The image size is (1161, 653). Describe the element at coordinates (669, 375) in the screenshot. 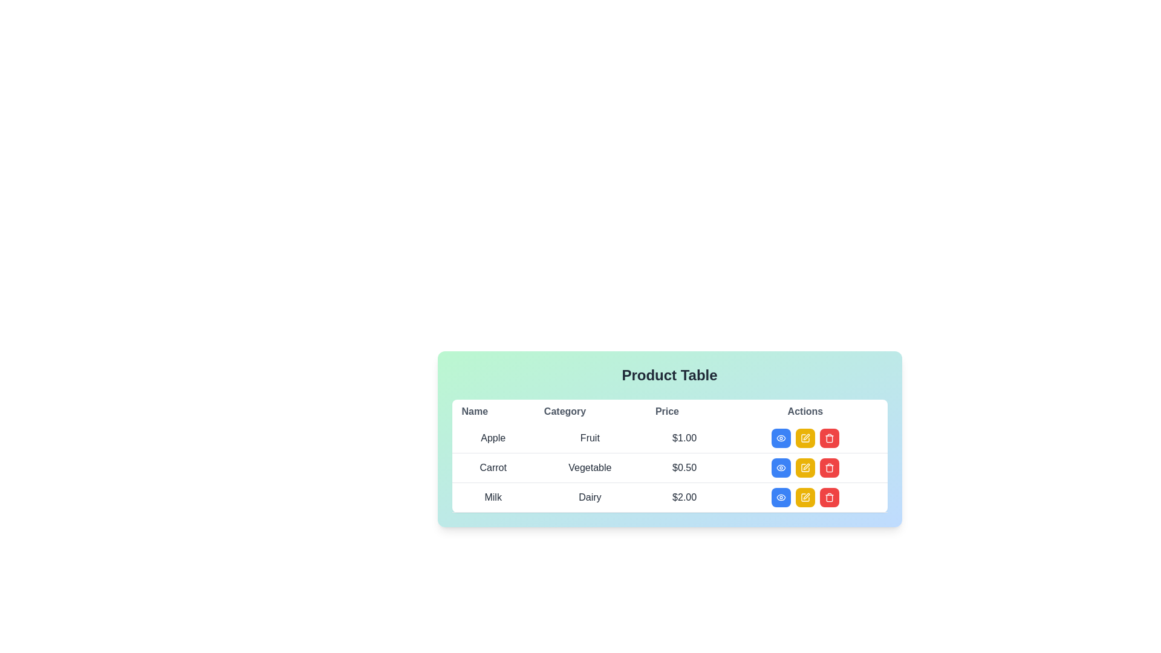

I see `the centered title text 'Product Table', which is displayed in a bold and large font against a colorful gradient background` at that location.